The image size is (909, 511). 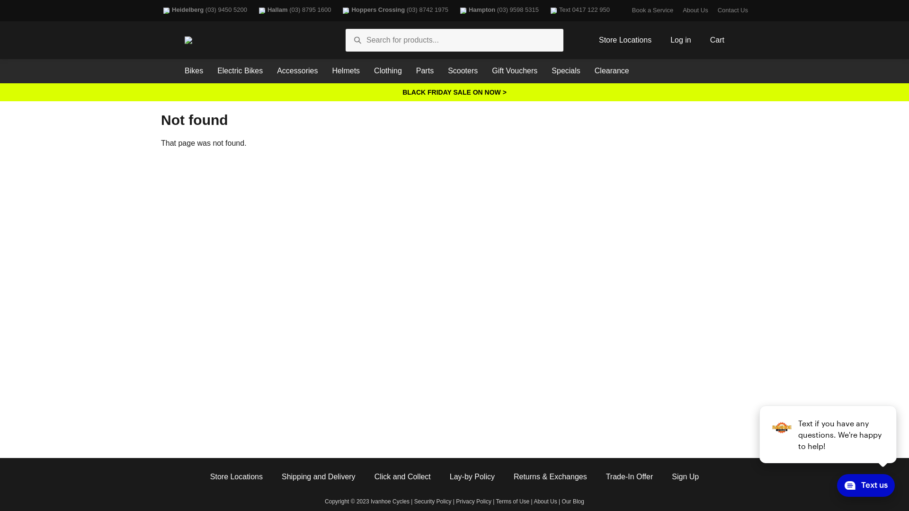 What do you see at coordinates (472, 477) in the screenshot?
I see `'Lay-by Policy'` at bounding box center [472, 477].